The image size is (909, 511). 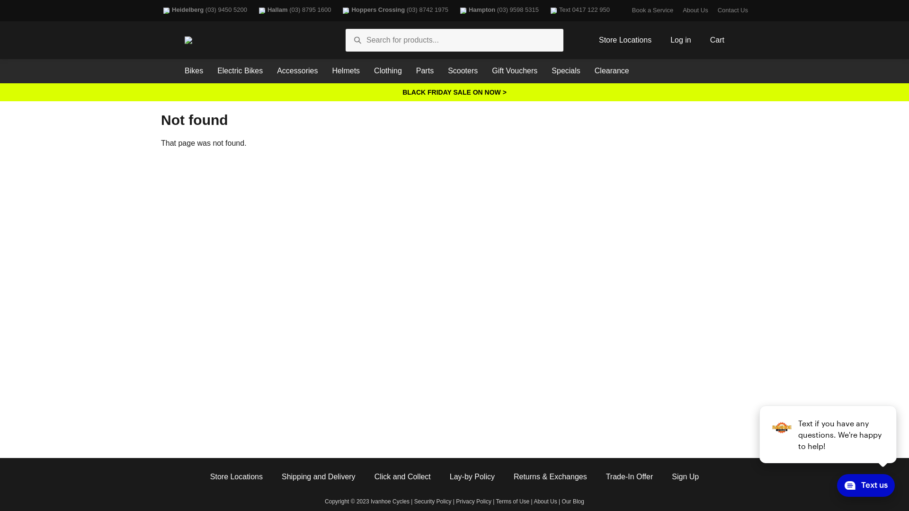 What do you see at coordinates (472, 477) in the screenshot?
I see `'Lay-by Policy'` at bounding box center [472, 477].